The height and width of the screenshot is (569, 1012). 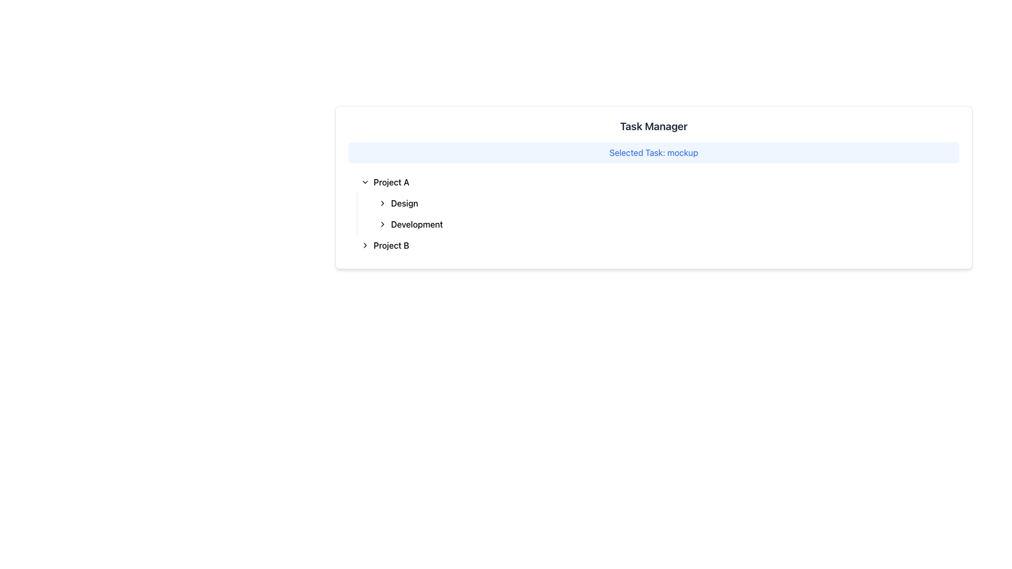 What do you see at coordinates (365, 246) in the screenshot?
I see `the toggle icon located to the left of the 'Project B' text label` at bounding box center [365, 246].